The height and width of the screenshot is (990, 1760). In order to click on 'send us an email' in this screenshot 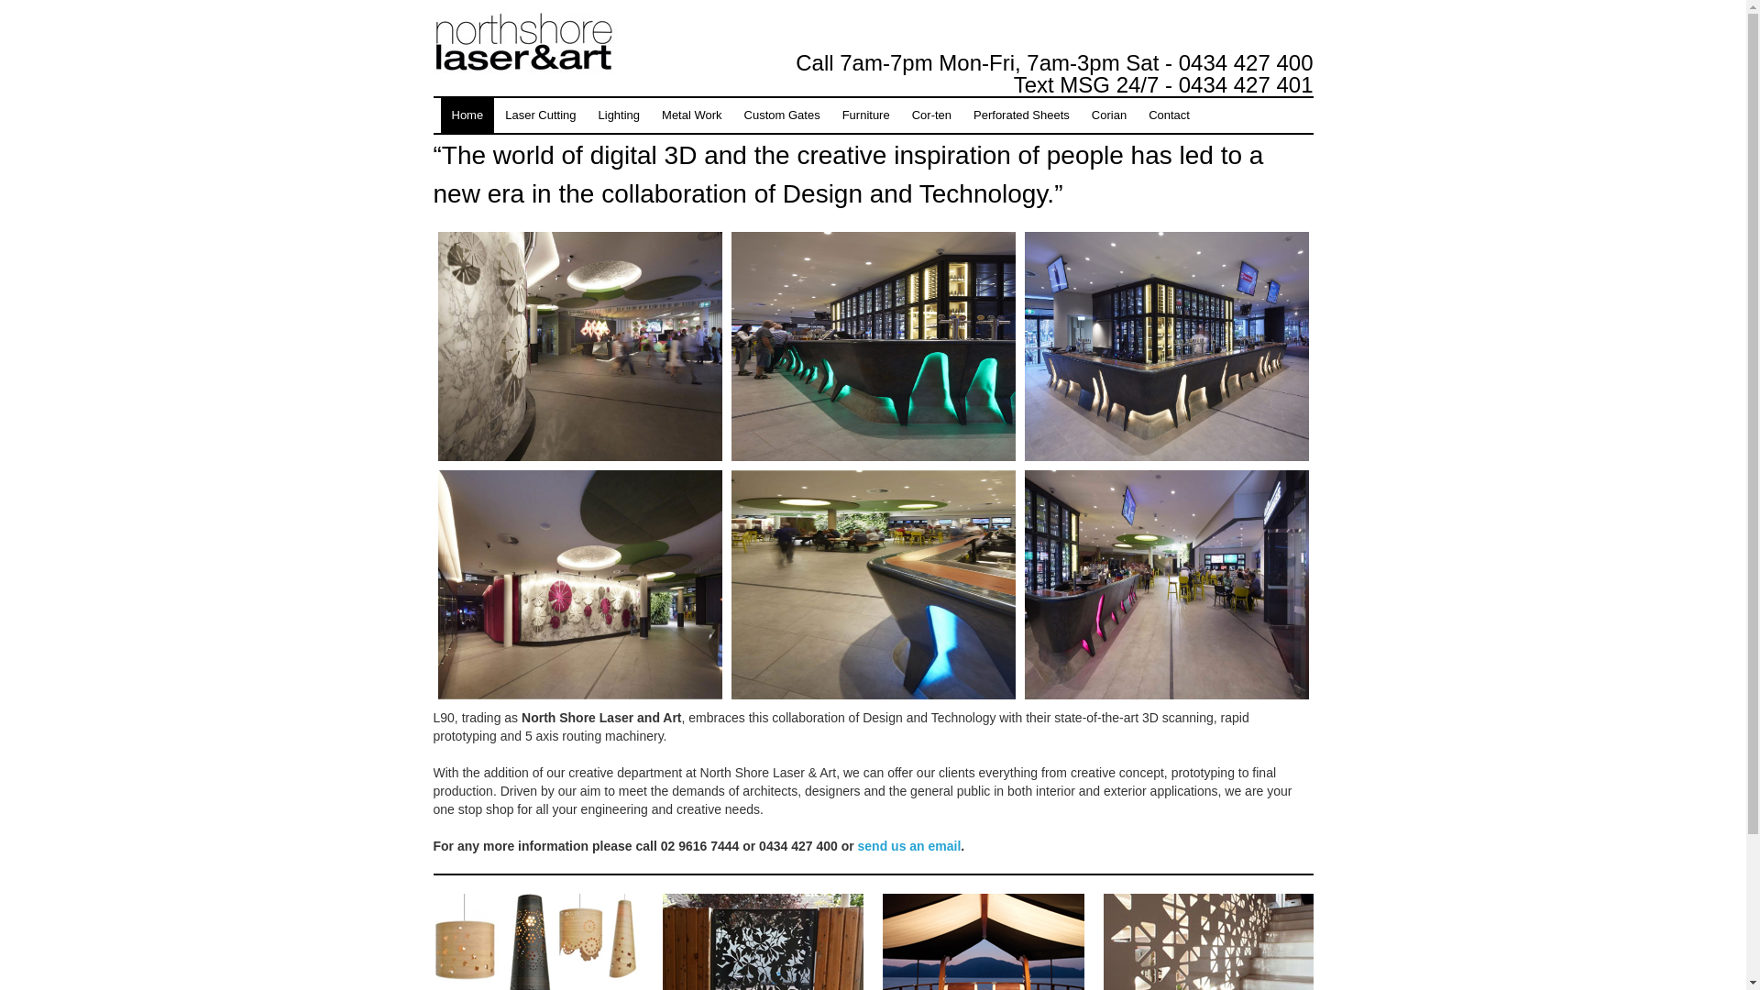, I will do `click(909, 845)`.